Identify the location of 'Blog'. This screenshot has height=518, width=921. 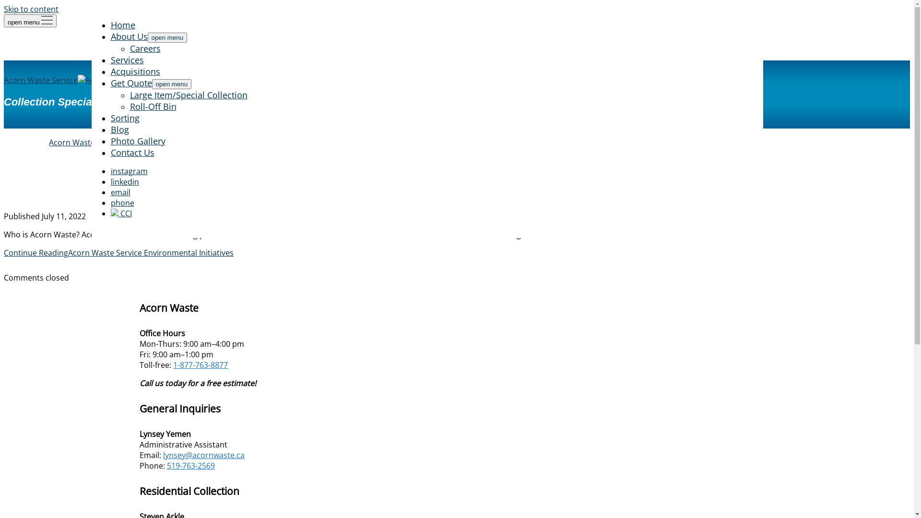
(119, 129).